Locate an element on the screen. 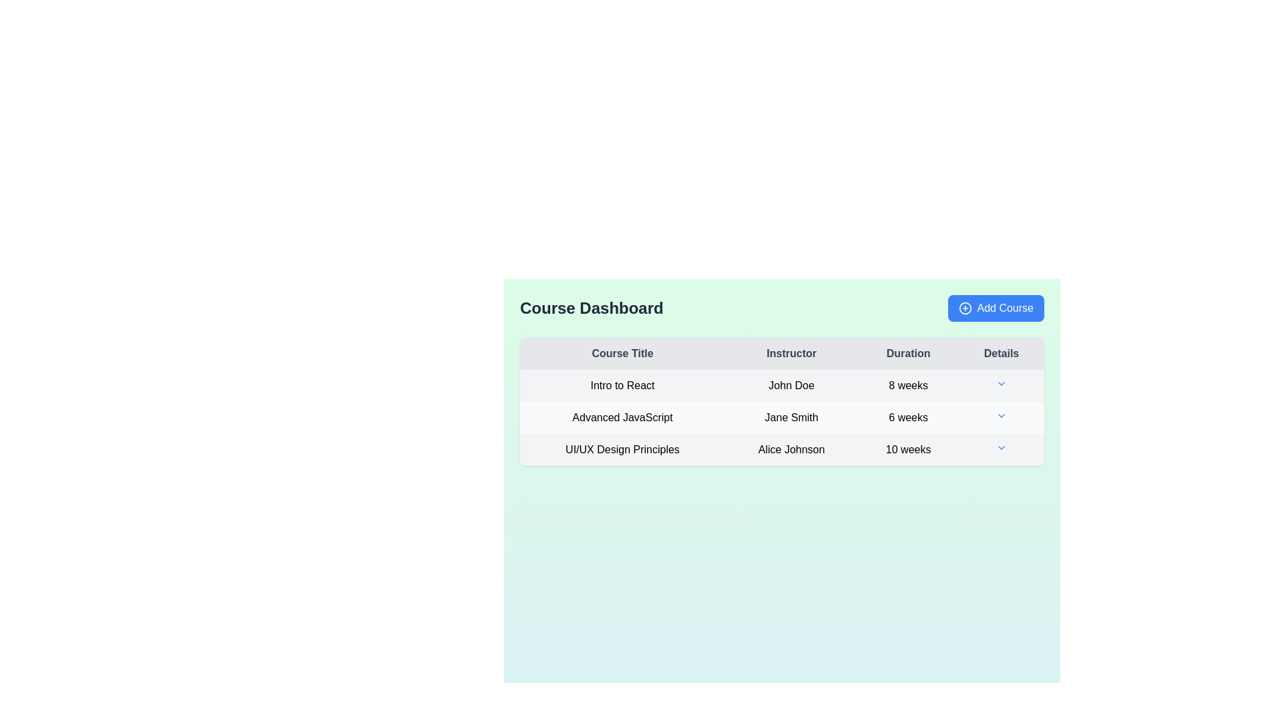 Image resolution: width=1282 pixels, height=721 pixels. keyboard navigation is located at coordinates (996, 308).